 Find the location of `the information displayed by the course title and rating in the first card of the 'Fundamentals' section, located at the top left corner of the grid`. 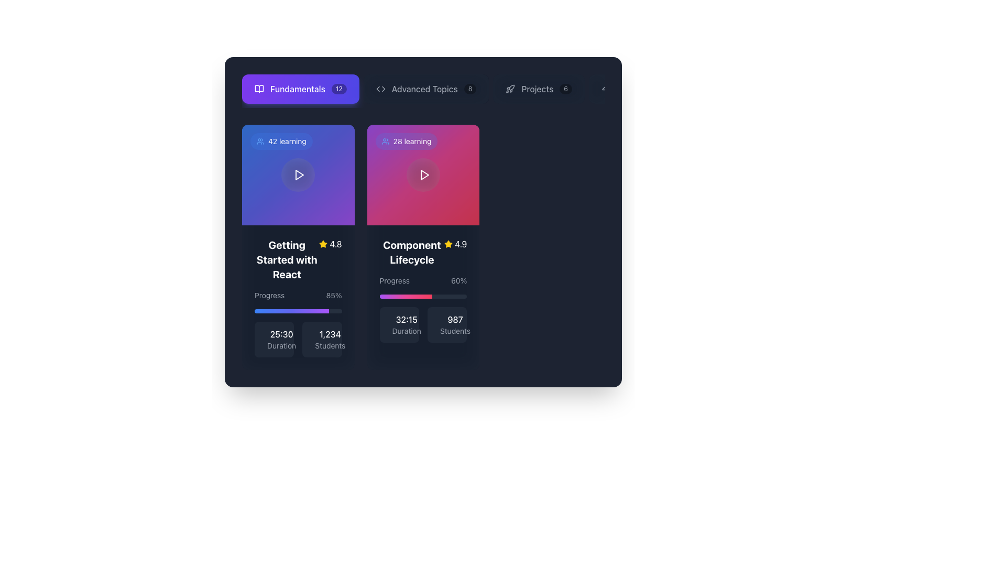

the information displayed by the course title and rating in the first card of the 'Fundamentals' section, located at the top left corner of the grid is located at coordinates (298, 259).